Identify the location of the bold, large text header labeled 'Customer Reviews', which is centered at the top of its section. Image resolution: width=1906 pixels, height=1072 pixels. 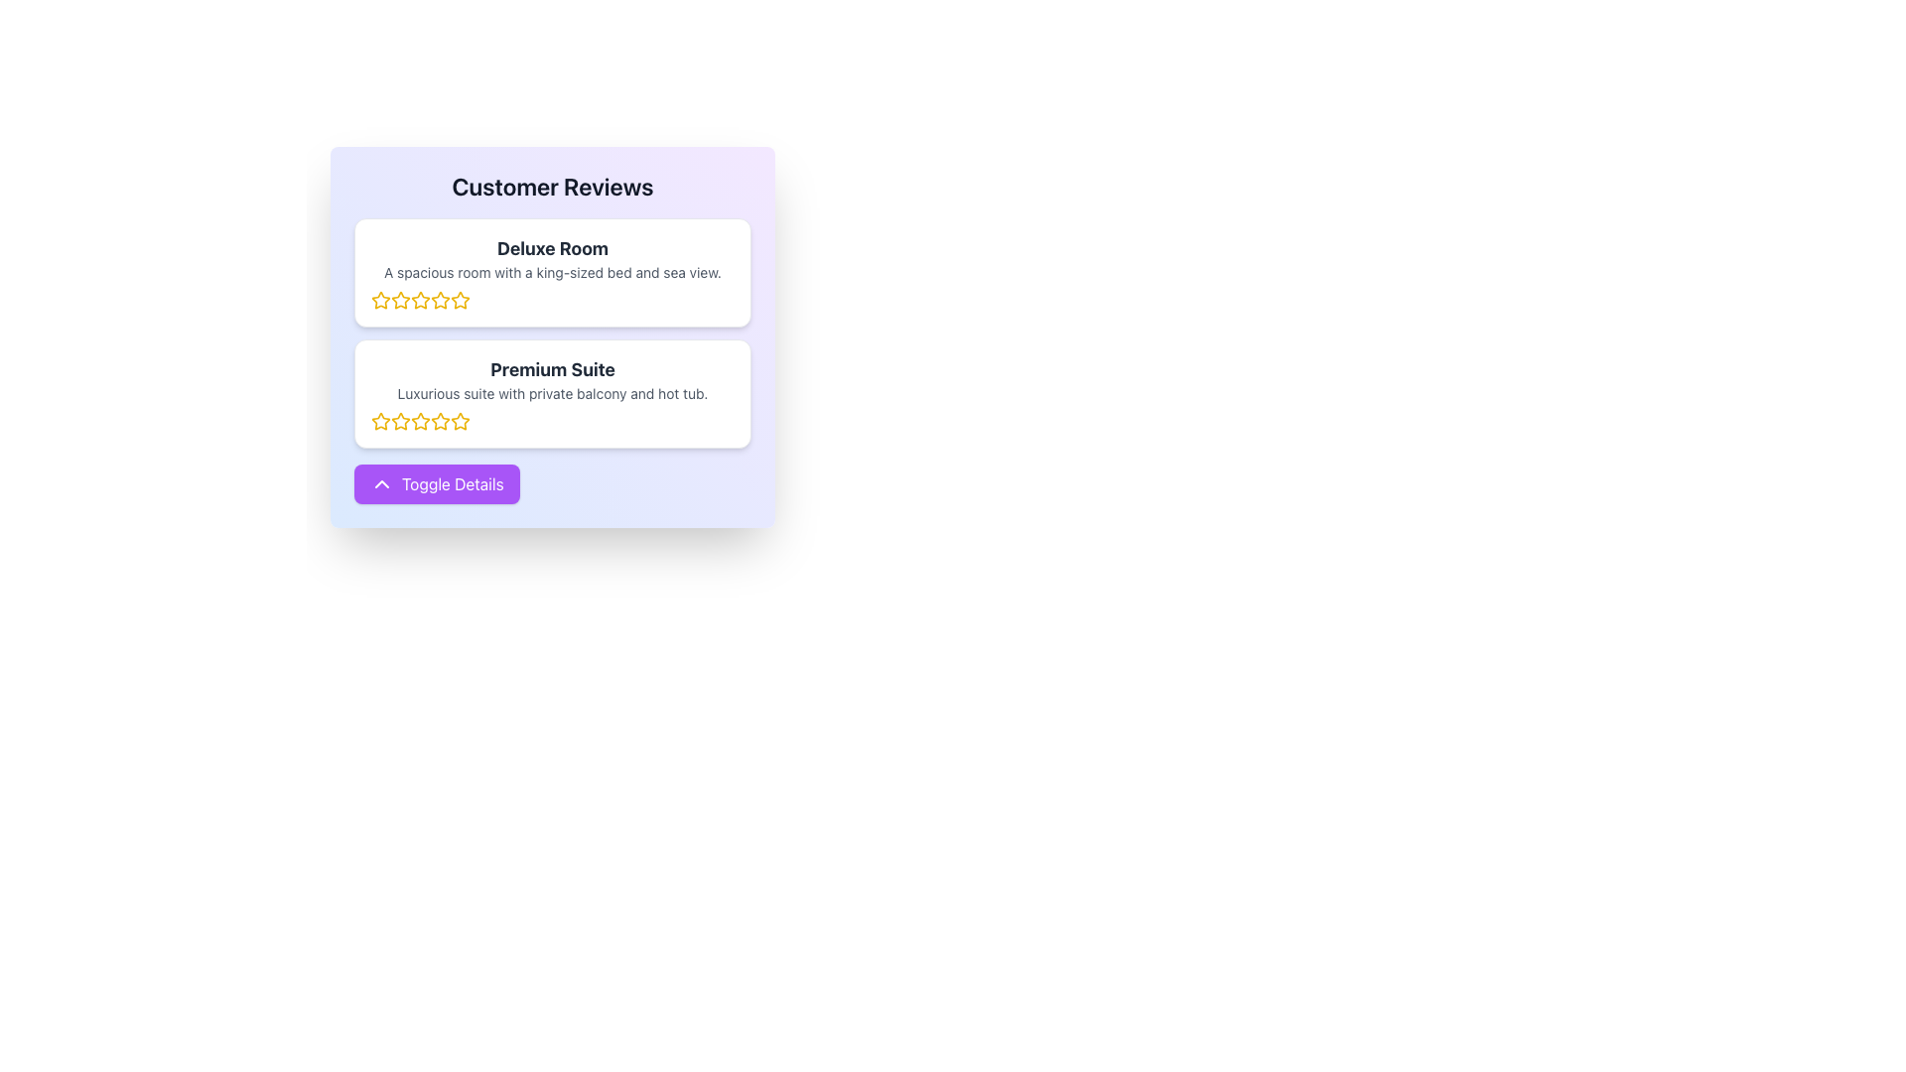
(552, 187).